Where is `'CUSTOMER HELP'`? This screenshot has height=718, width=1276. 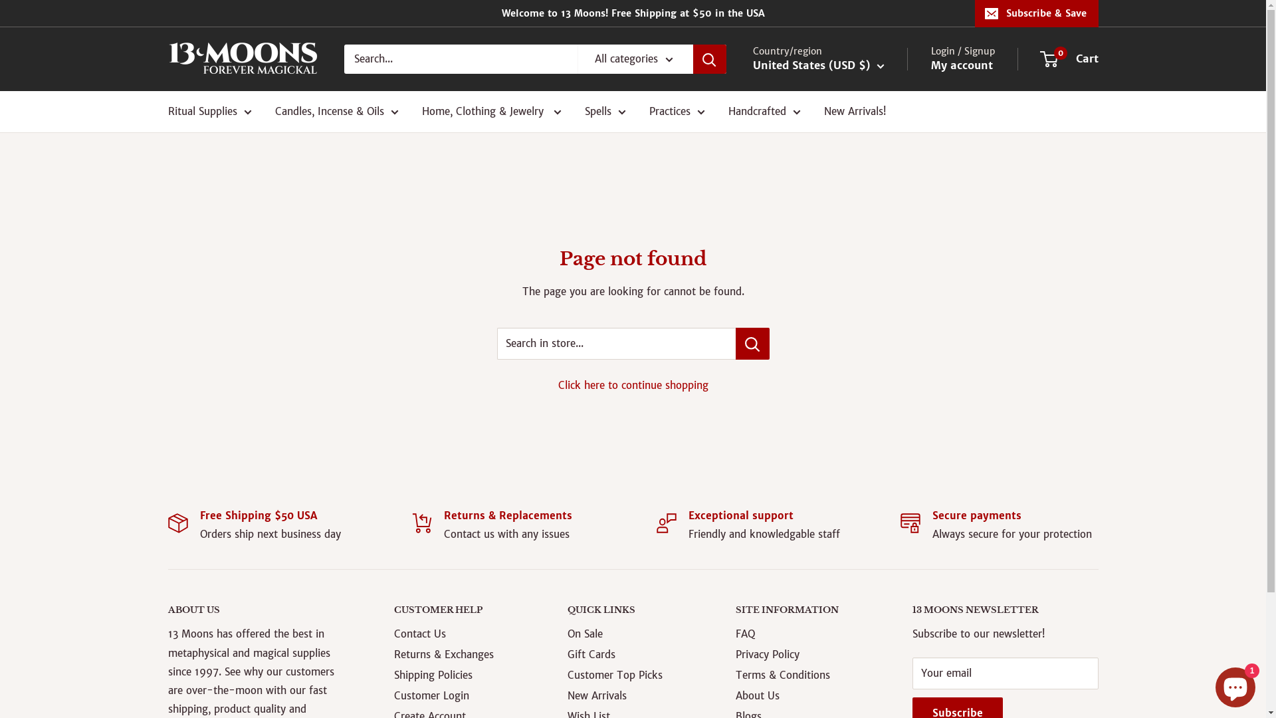 'CUSTOMER HELP' is located at coordinates (457, 610).